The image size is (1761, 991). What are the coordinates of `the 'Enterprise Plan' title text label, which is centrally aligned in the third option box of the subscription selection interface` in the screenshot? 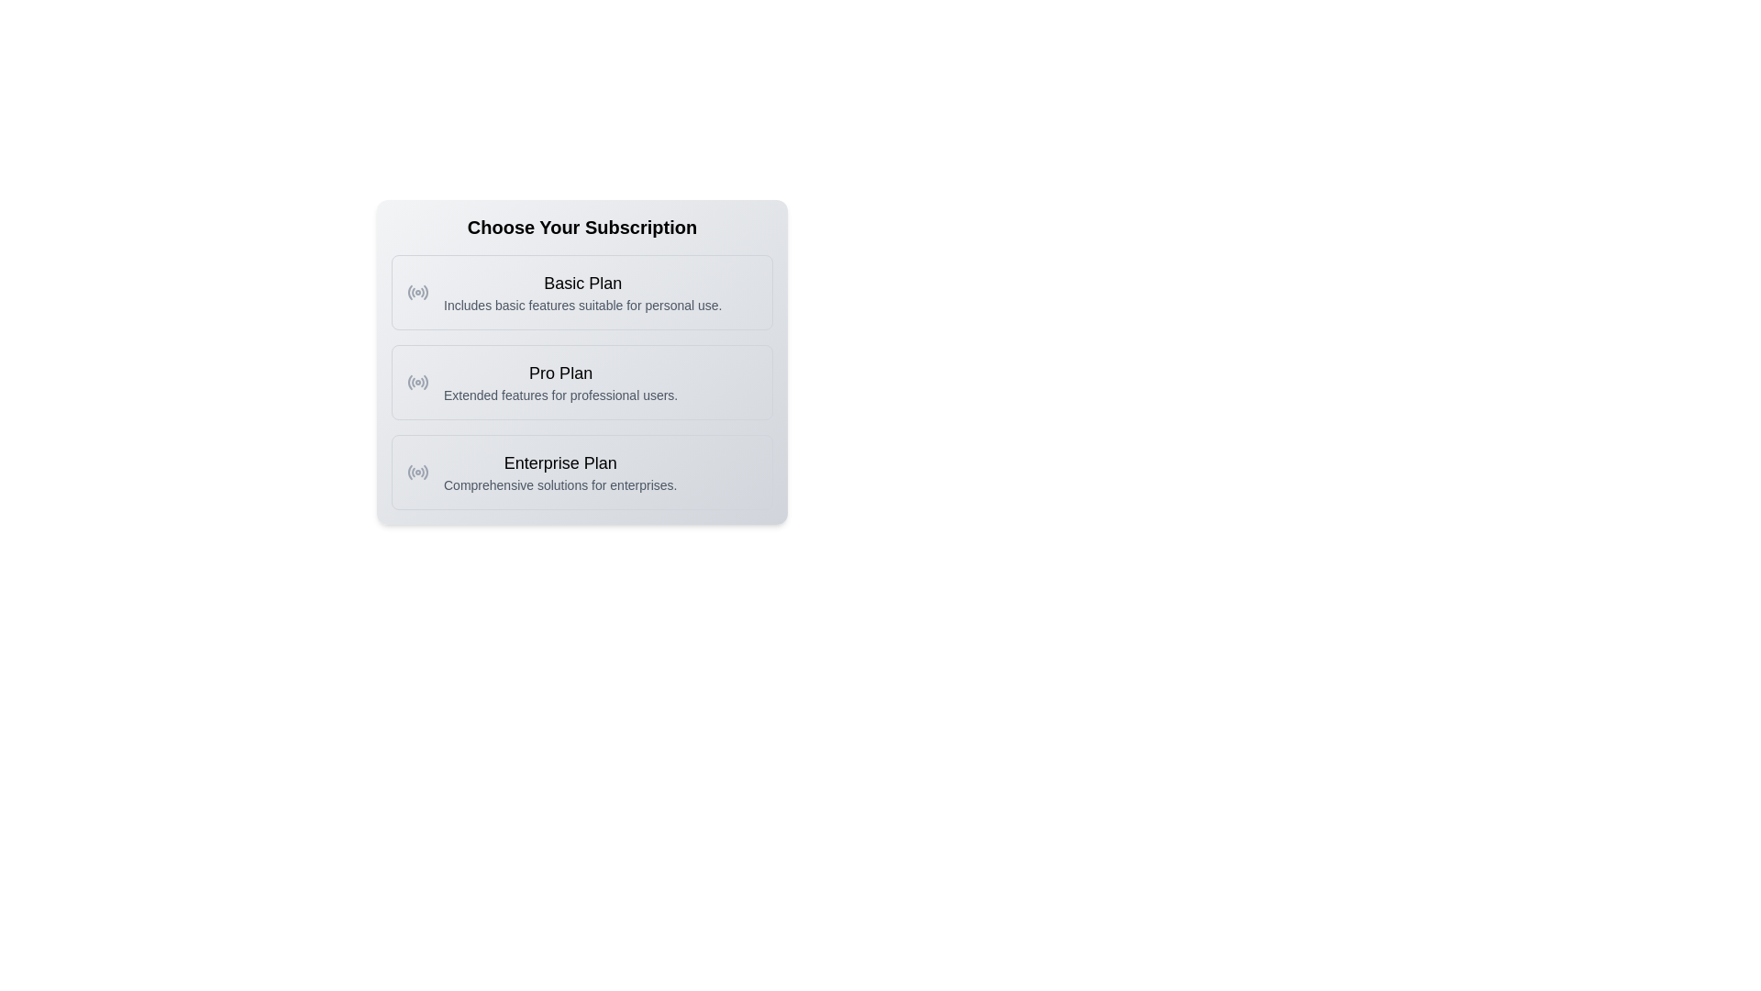 It's located at (559, 462).